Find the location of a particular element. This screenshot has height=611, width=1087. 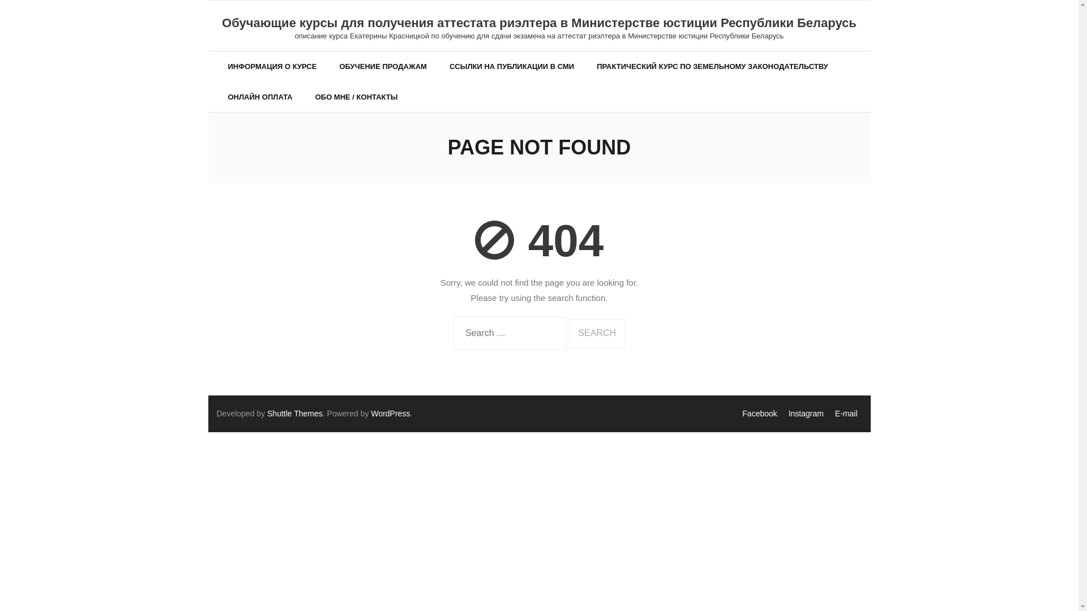

'Shuttle Themes' is located at coordinates (295, 414).